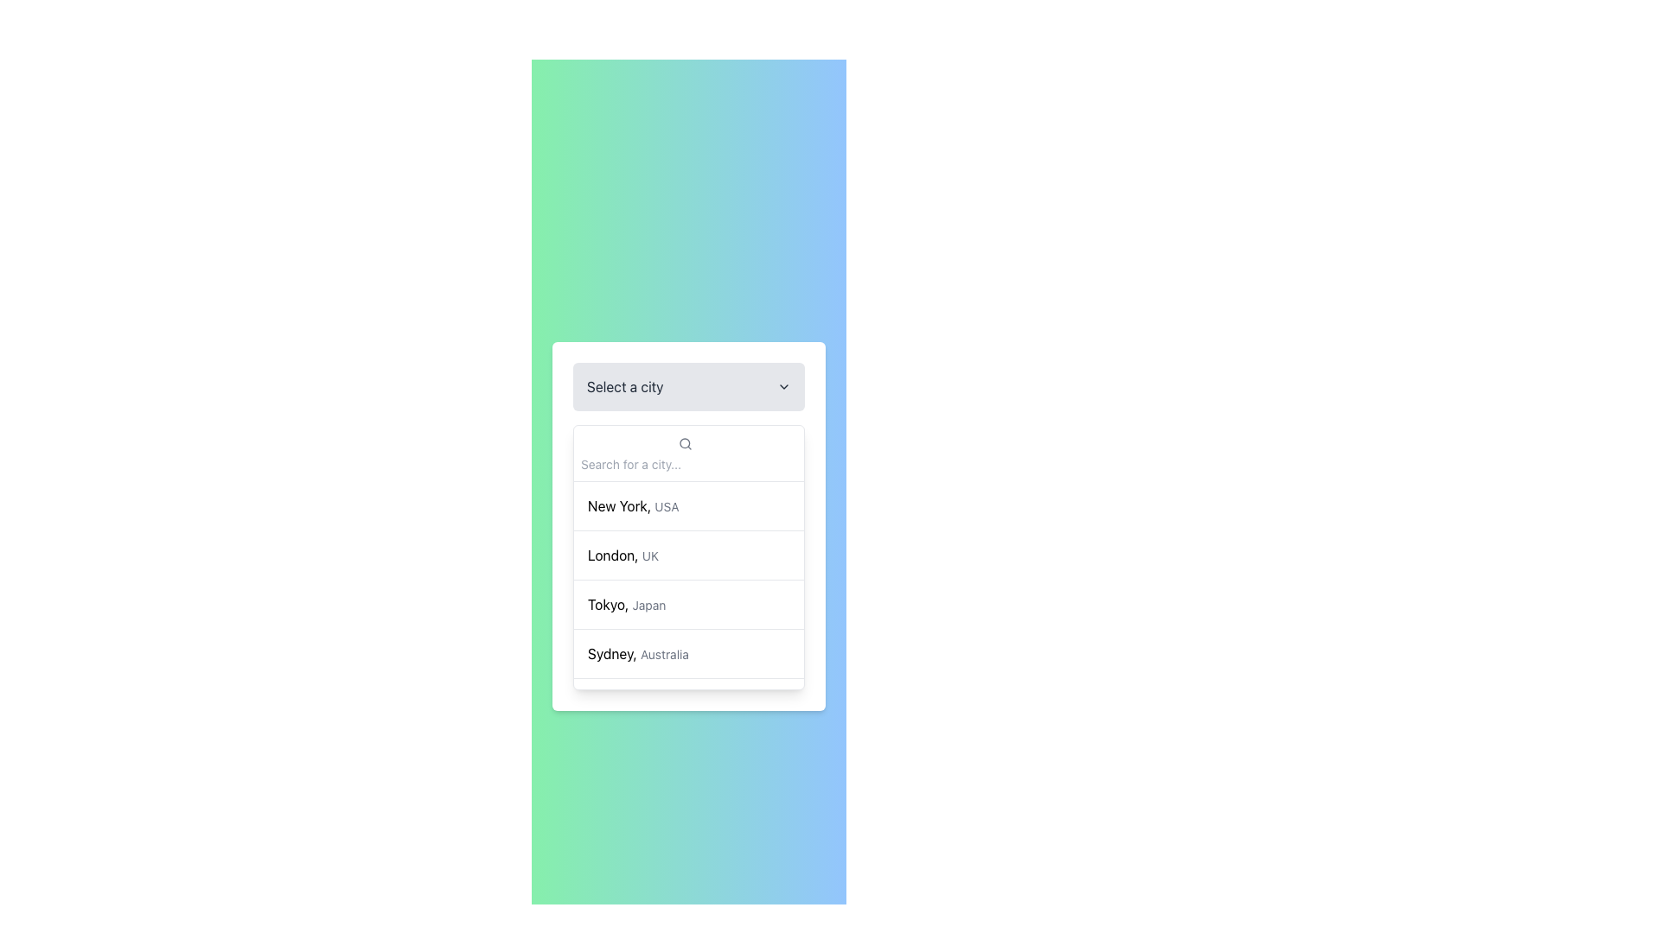  I want to click on the list item element displaying 'London, UK', so click(687, 555).